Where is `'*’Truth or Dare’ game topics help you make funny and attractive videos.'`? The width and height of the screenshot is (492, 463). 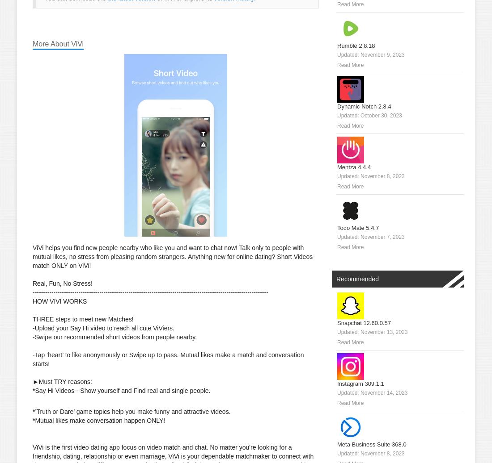 '*’Truth or Dare’ game topics help you make funny and attractive videos.' is located at coordinates (131, 411).